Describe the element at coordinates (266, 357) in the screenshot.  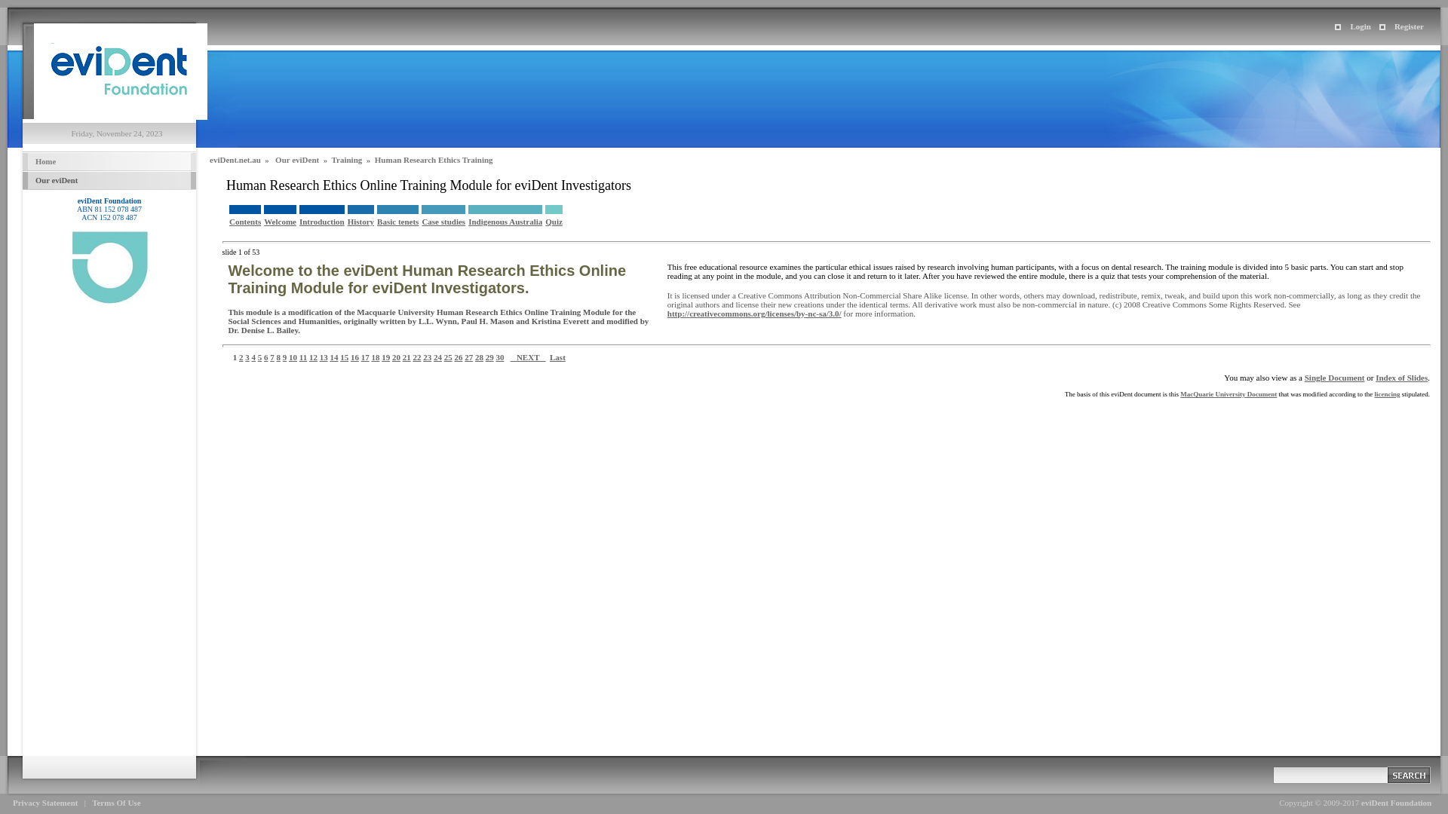
I see `'6'` at that location.